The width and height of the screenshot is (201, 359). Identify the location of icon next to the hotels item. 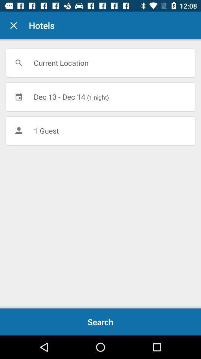
(13, 25).